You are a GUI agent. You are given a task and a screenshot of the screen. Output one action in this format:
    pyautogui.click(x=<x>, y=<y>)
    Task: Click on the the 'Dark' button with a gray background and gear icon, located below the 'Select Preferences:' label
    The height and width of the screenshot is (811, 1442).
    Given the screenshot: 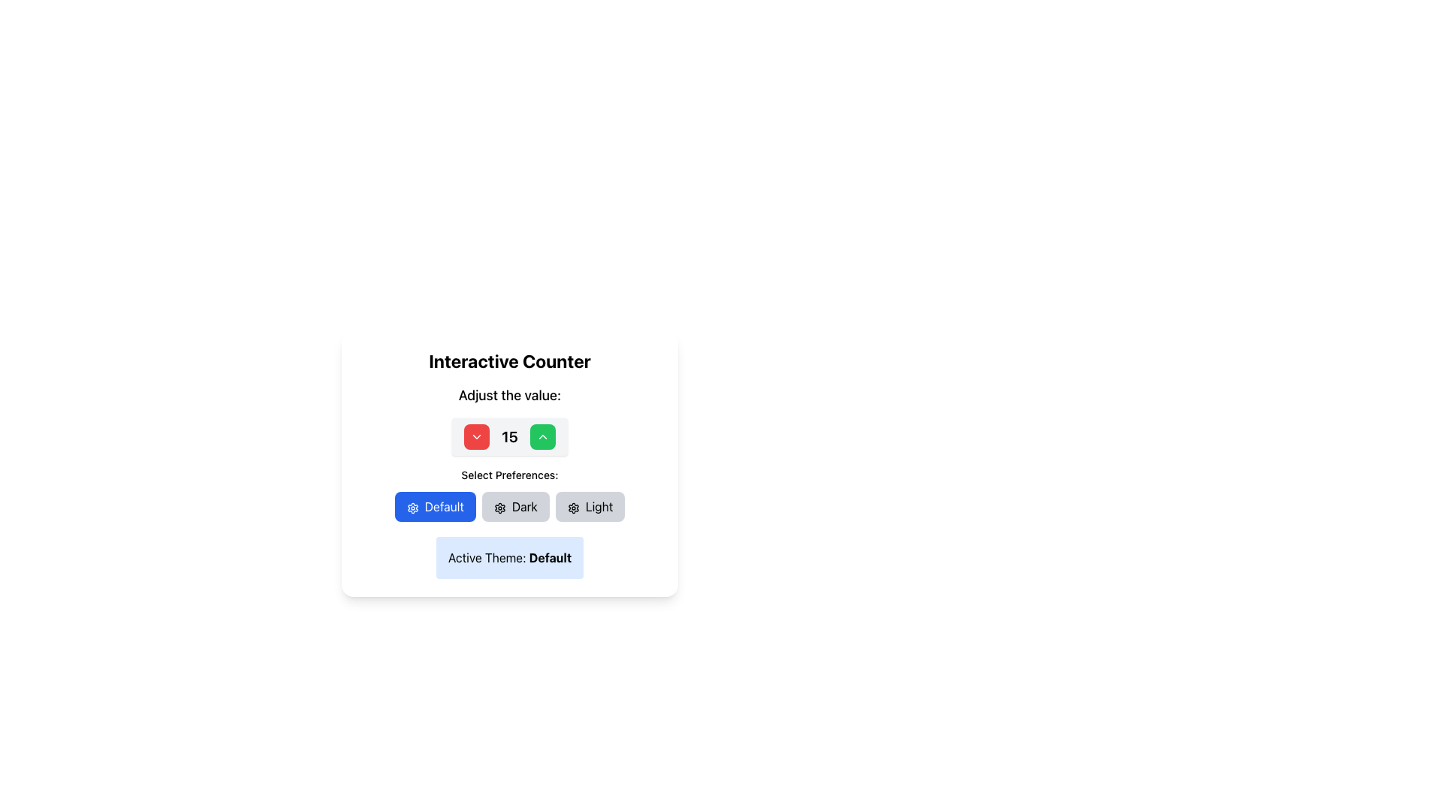 What is the action you would take?
    pyautogui.click(x=509, y=507)
    